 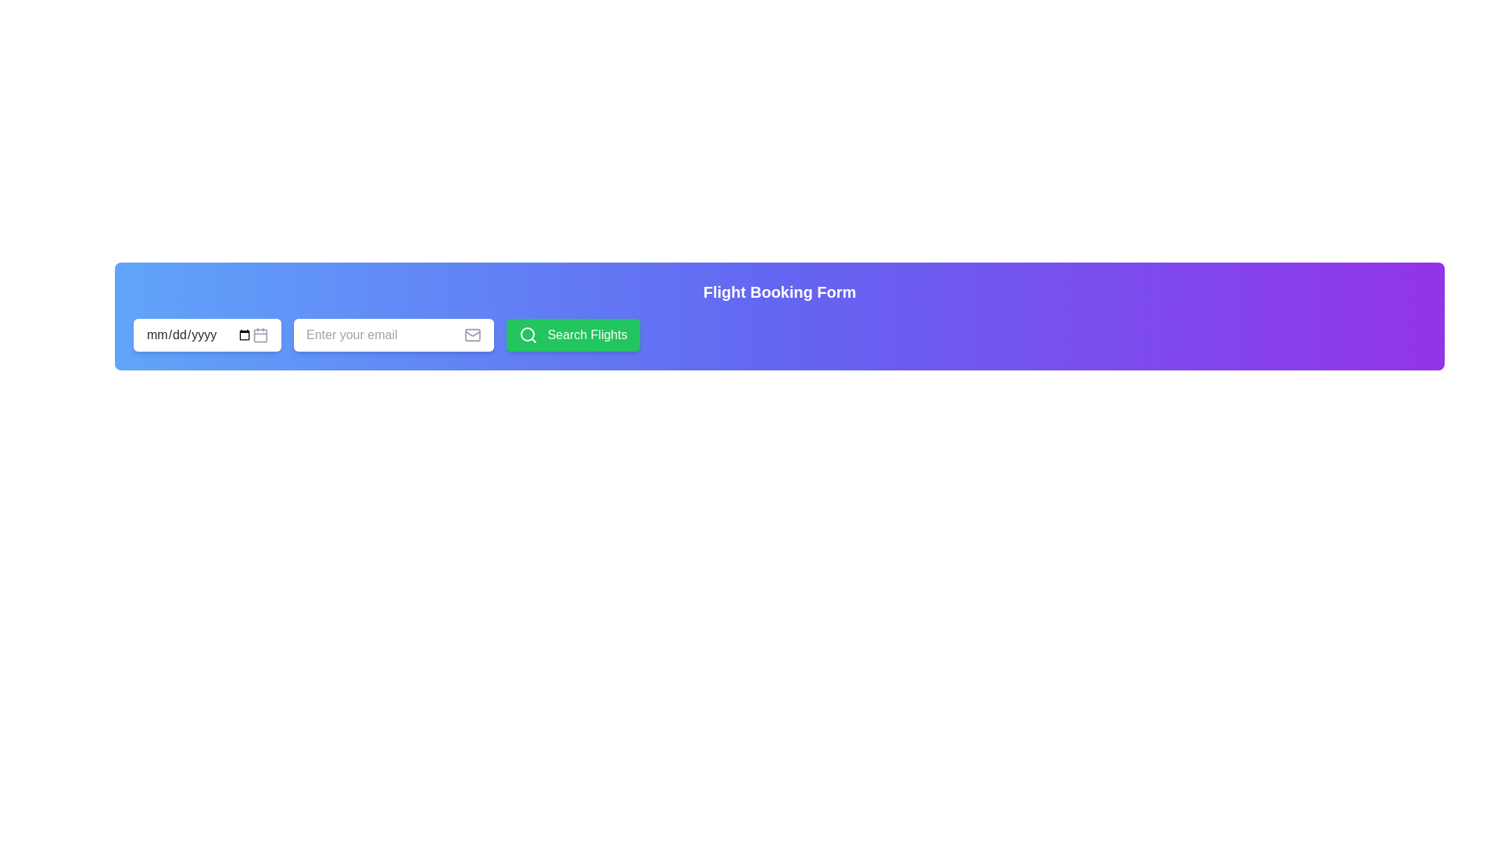 I want to click on the decorative graphic (SVG rectangle) within the email icon, located just after the text entry area of the email input field, so click(x=472, y=334).